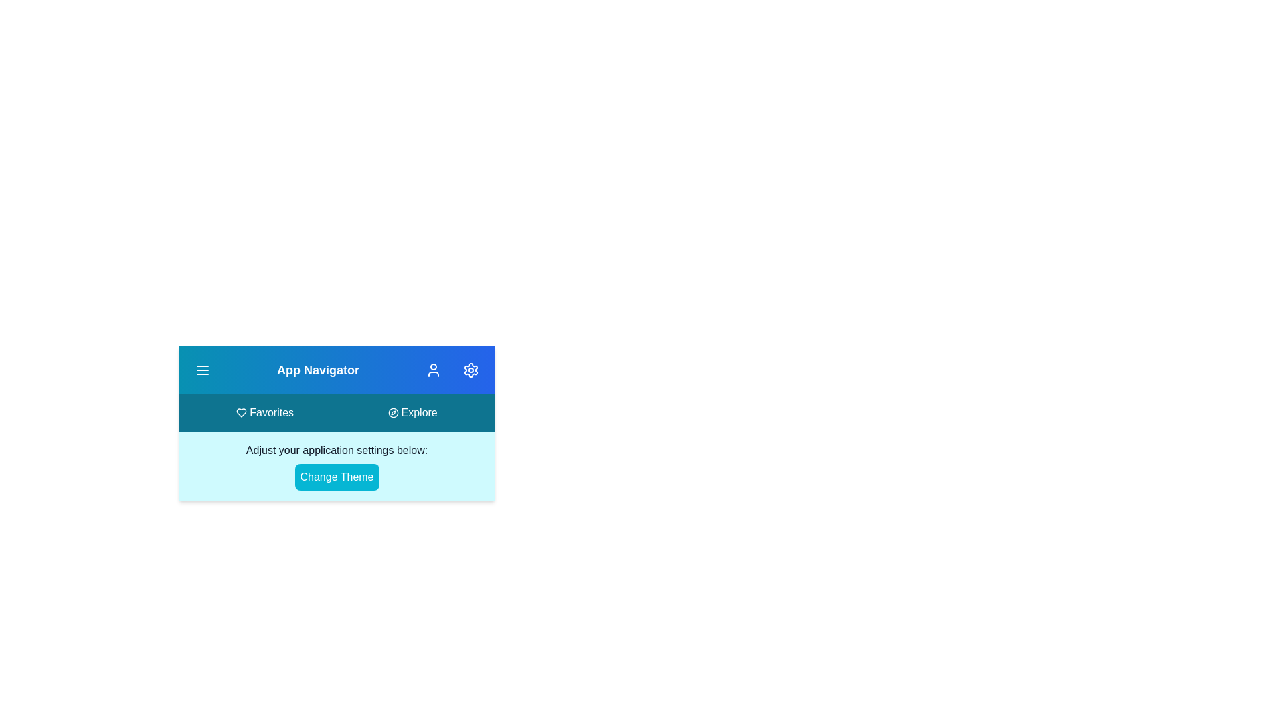 This screenshot has height=723, width=1285. What do you see at coordinates (337, 477) in the screenshot?
I see `the 'Change Theme' button, which has a cyan background and white text, located below the settings text in the settings panel` at bounding box center [337, 477].